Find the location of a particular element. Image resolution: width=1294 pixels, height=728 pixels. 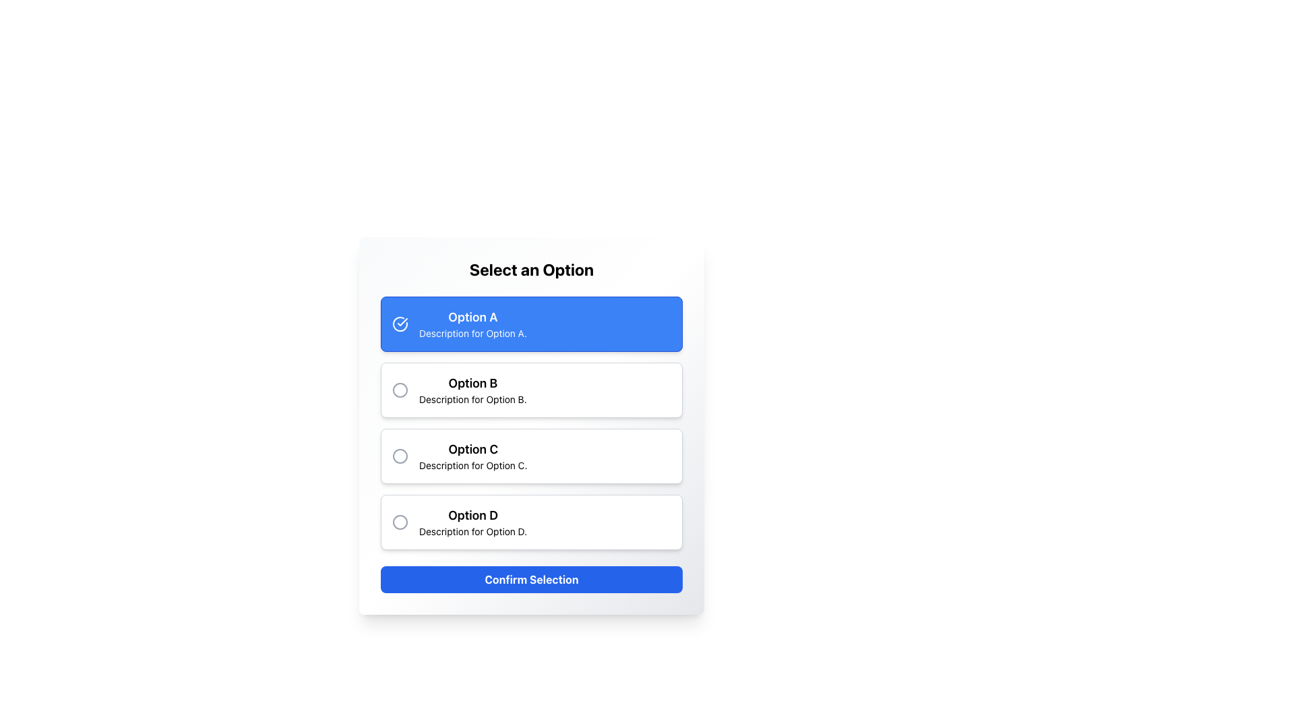

the 'Option B' text label which serves as a title for the corresponding option in the selection list is located at coordinates (472, 384).